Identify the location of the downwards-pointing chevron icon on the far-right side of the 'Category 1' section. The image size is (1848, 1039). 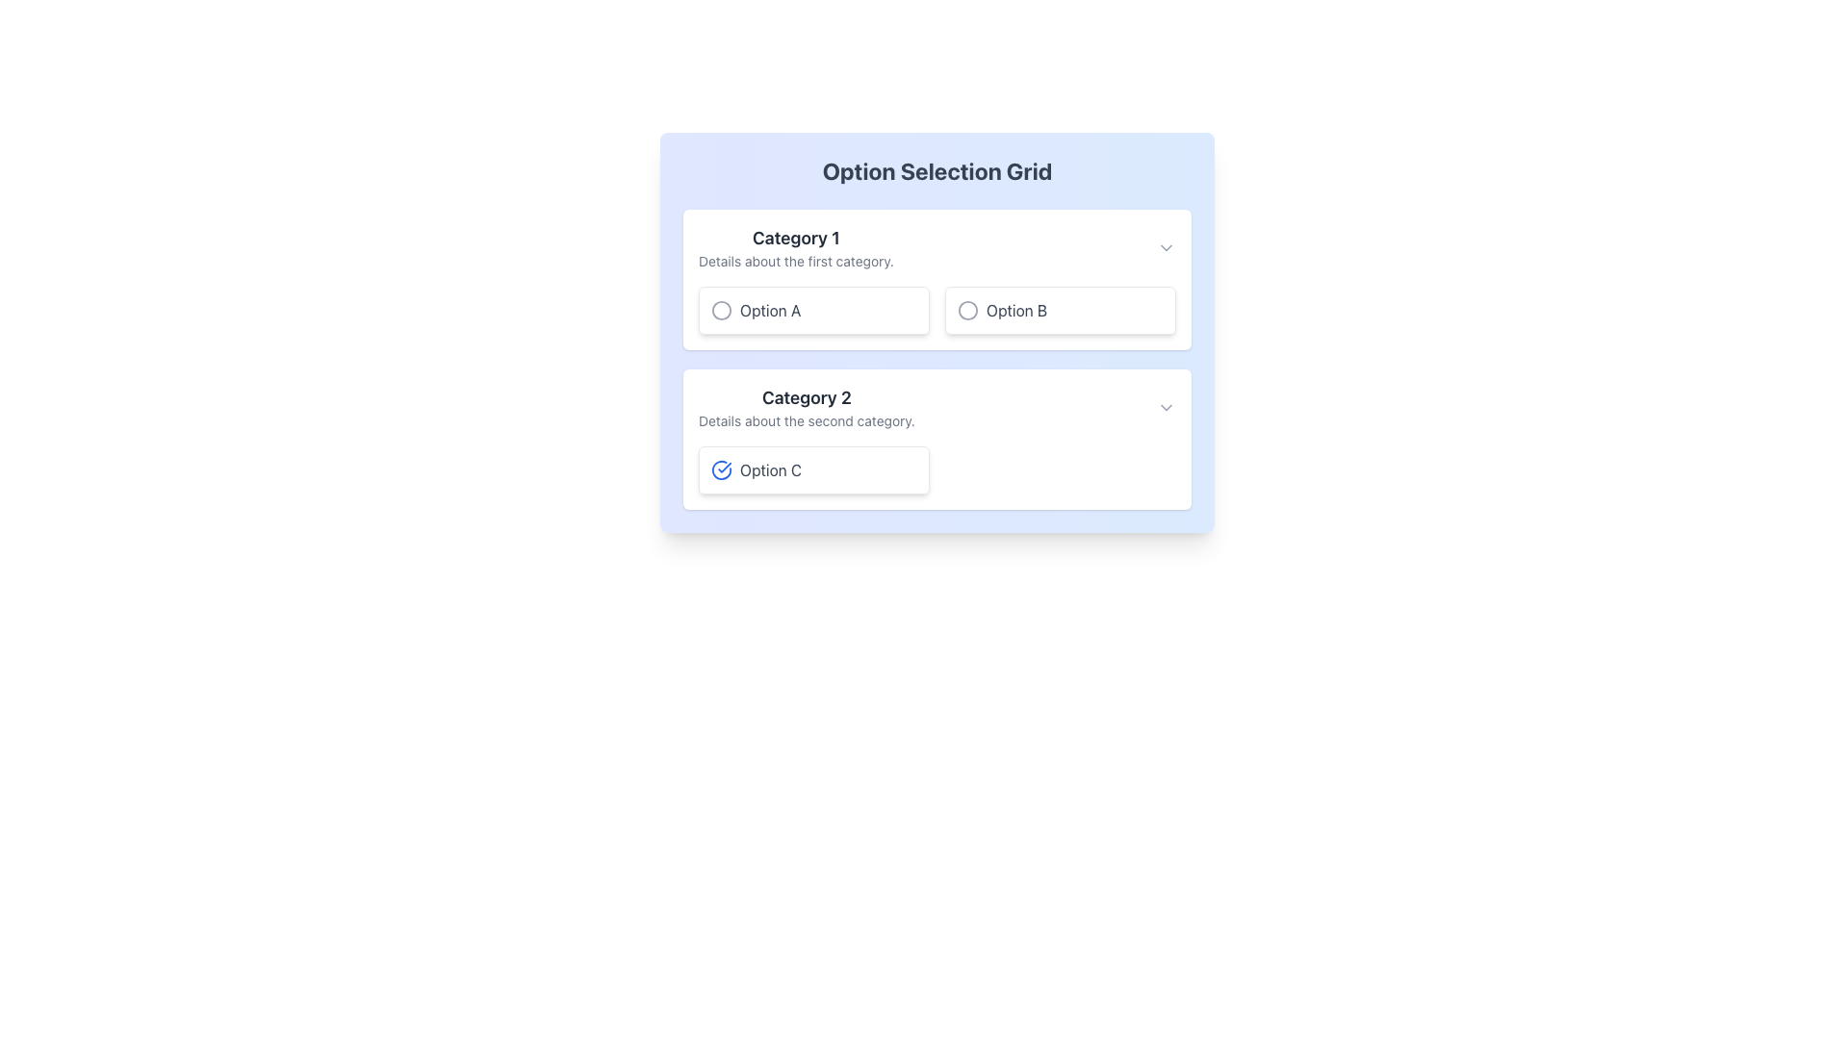
(1165, 247).